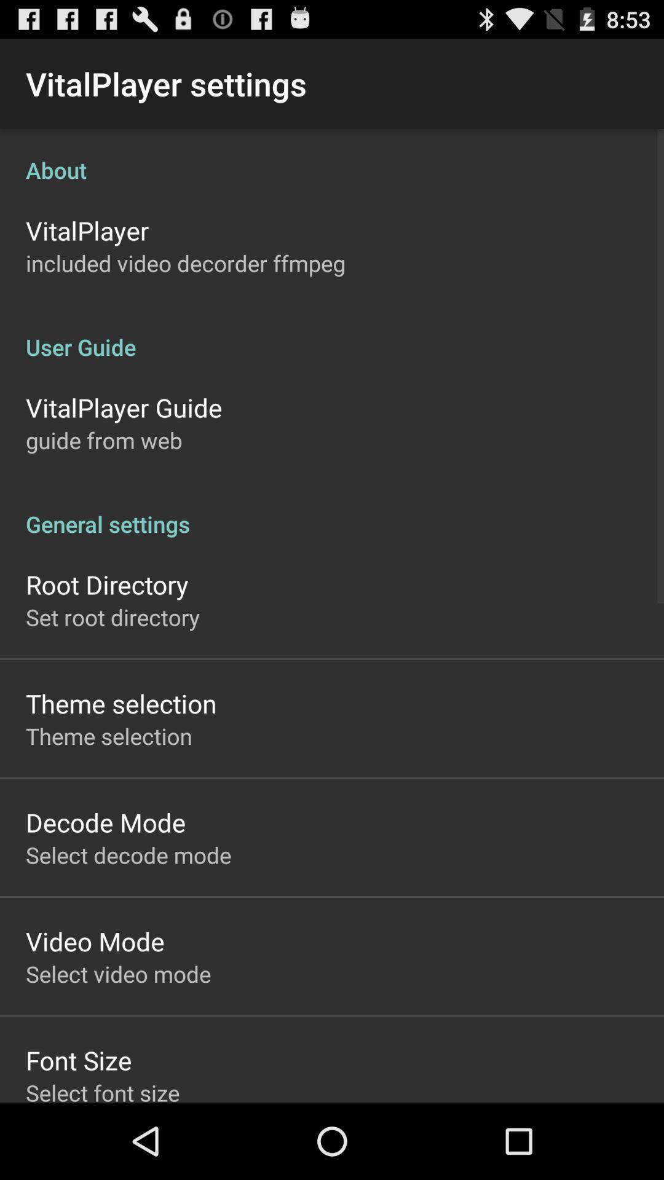 The height and width of the screenshot is (1180, 664). Describe the element at coordinates (124, 407) in the screenshot. I see `the vitalplayer guide icon` at that location.